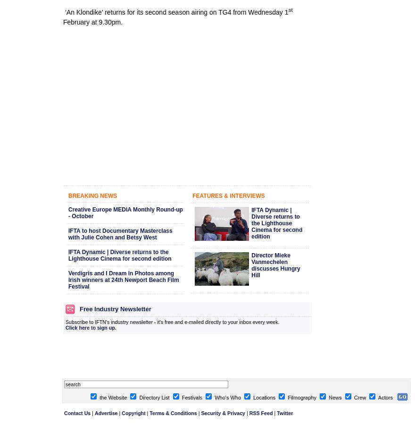 This screenshot has height=442, width=415. What do you see at coordinates (91, 327) in the screenshot?
I see `'Click here  to sign up.'` at bounding box center [91, 327].